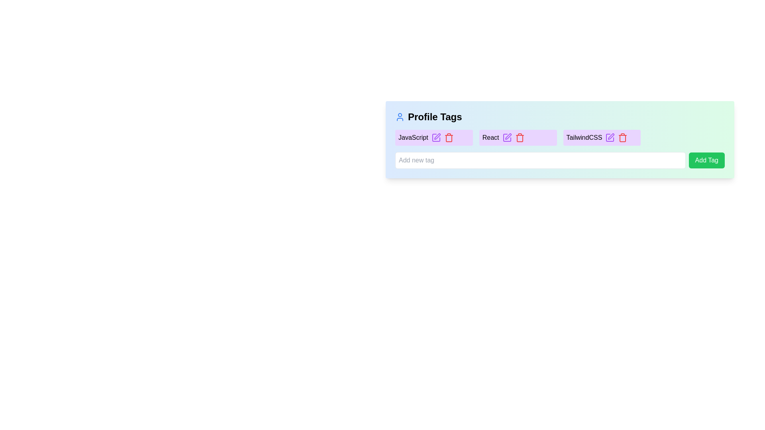 Image resolution: width=765 pixels, height=430 pixels. What do you see at coordinates (400, 117) in the screenshot?
I see `the profile icon located at the top-left corner of the horizontal bar labeled 'Profile Tags'` at bounding box center [400, 117].